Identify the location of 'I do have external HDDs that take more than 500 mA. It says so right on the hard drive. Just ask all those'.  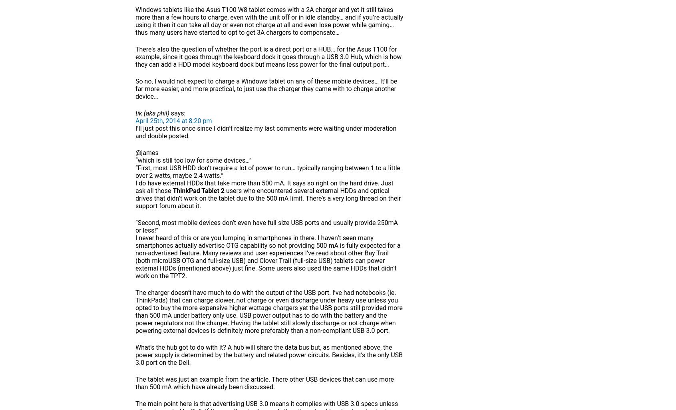
(135, 186).